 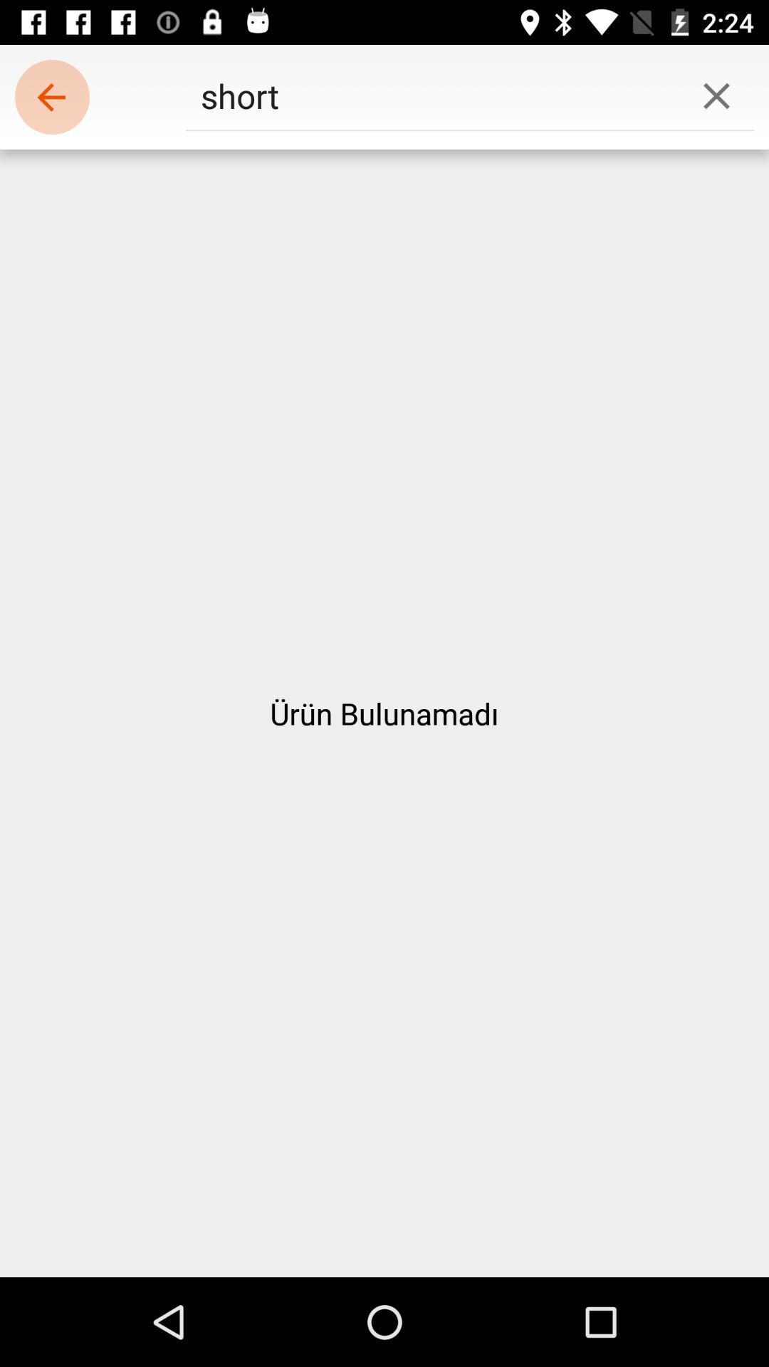 What do you see at coordinates (51, 96) in the screenshot?
I see `icon next to short icon` at bounding box center [51, 96].